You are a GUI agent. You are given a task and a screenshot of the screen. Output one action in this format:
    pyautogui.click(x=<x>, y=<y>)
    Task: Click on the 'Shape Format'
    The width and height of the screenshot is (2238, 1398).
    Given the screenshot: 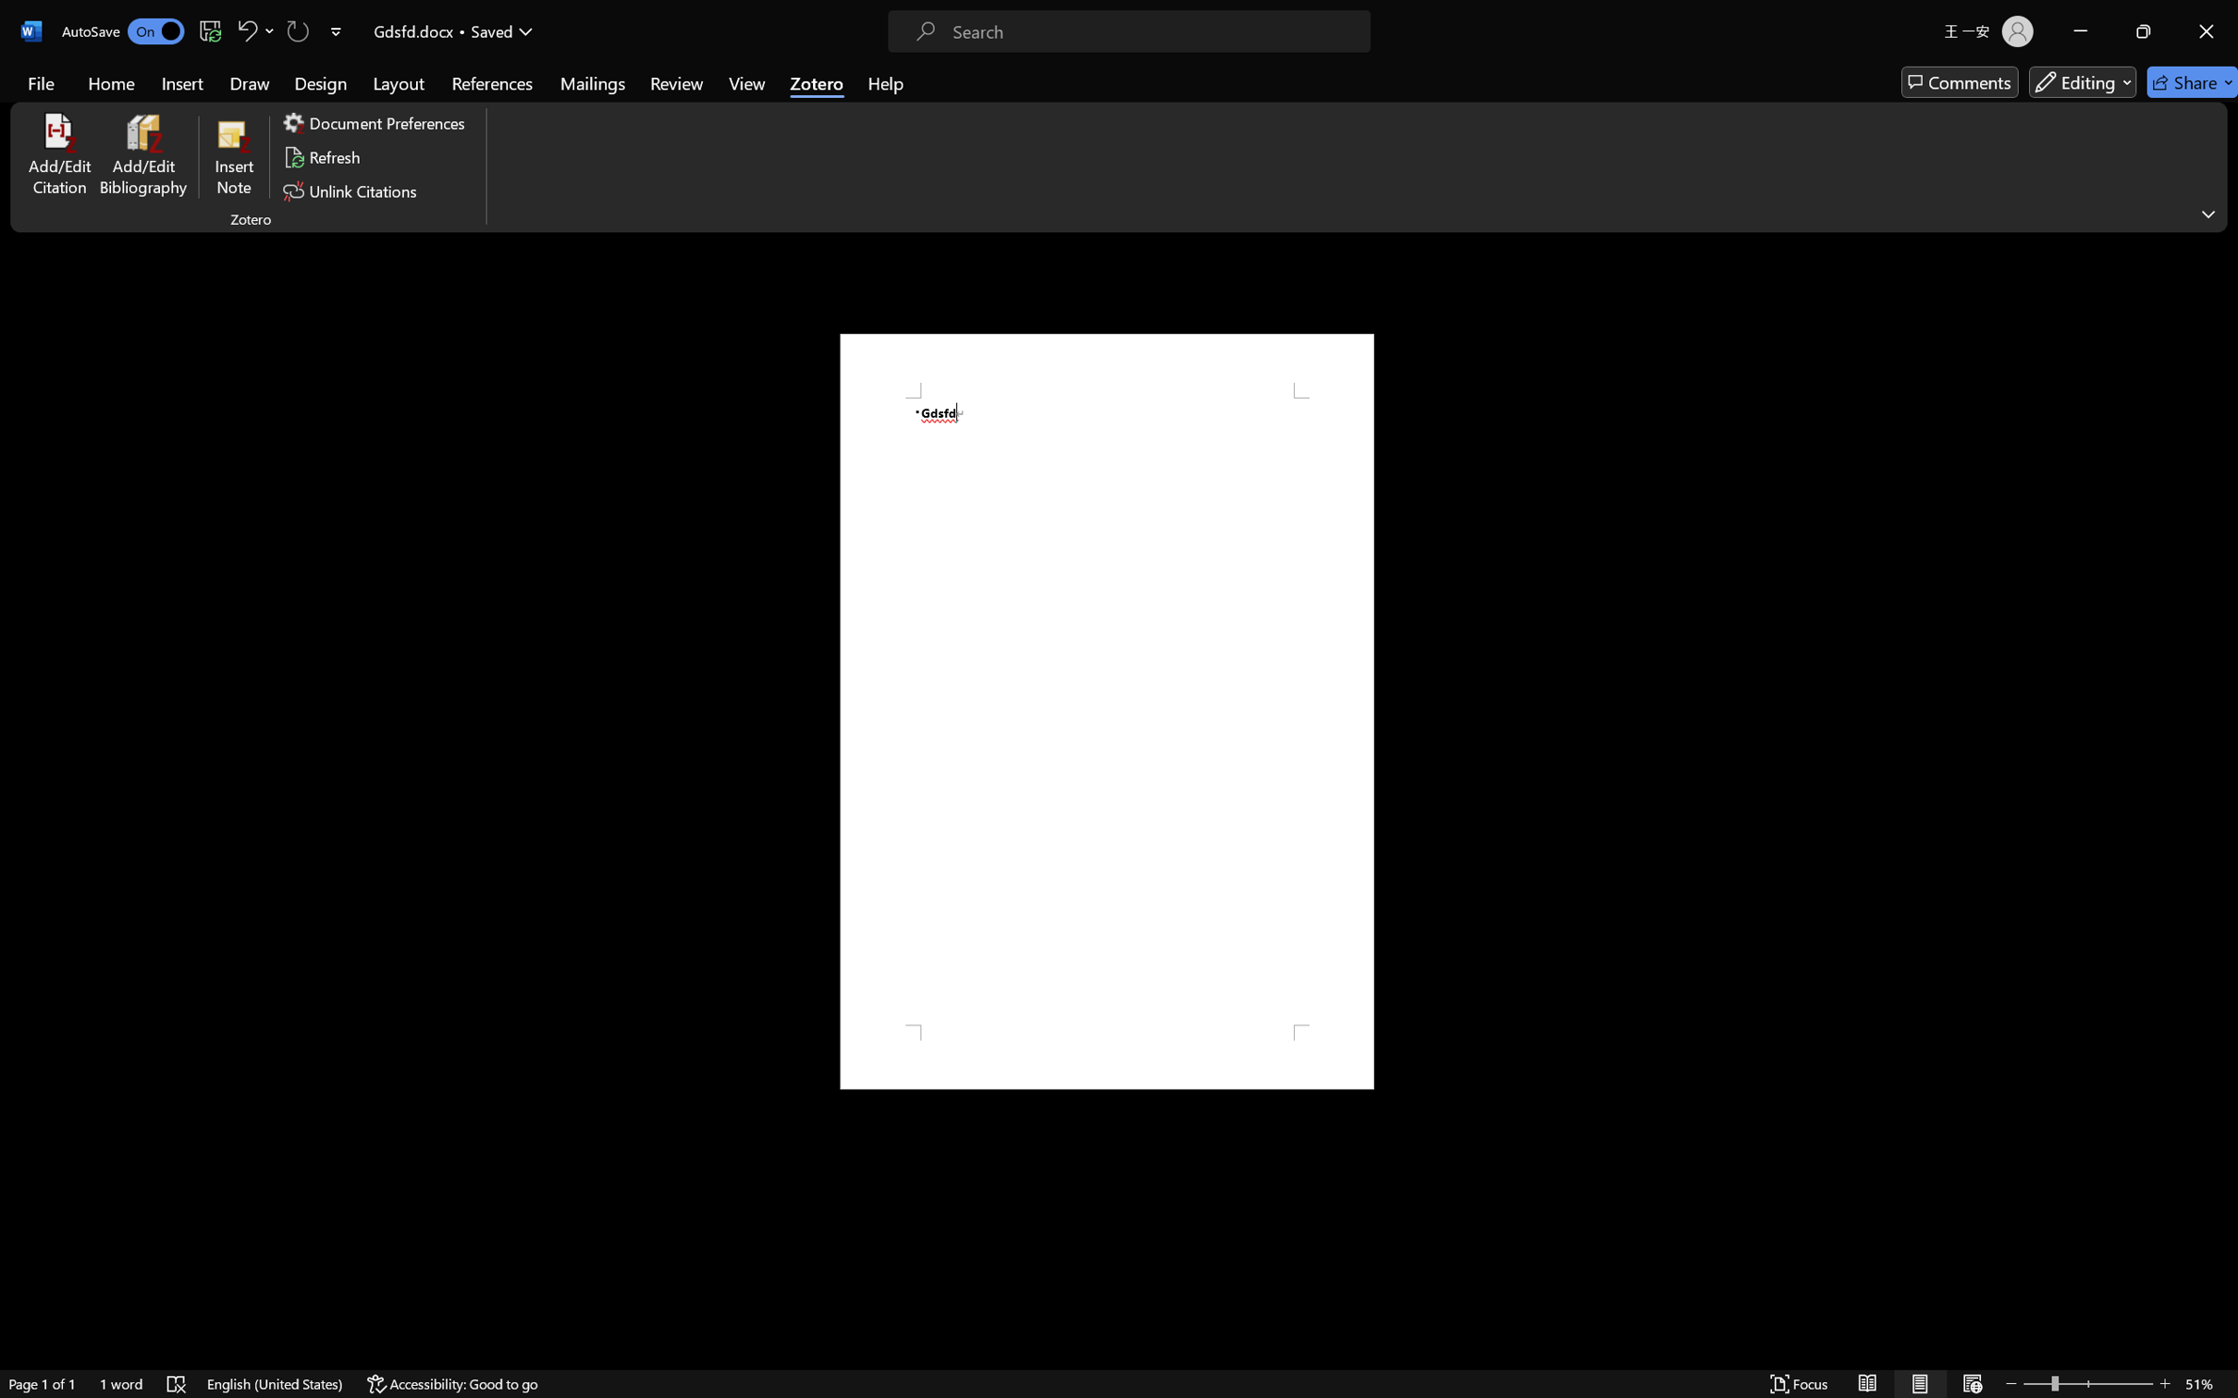 What is the action you would take?
    pyautogui.click(x=728, y=47)
    